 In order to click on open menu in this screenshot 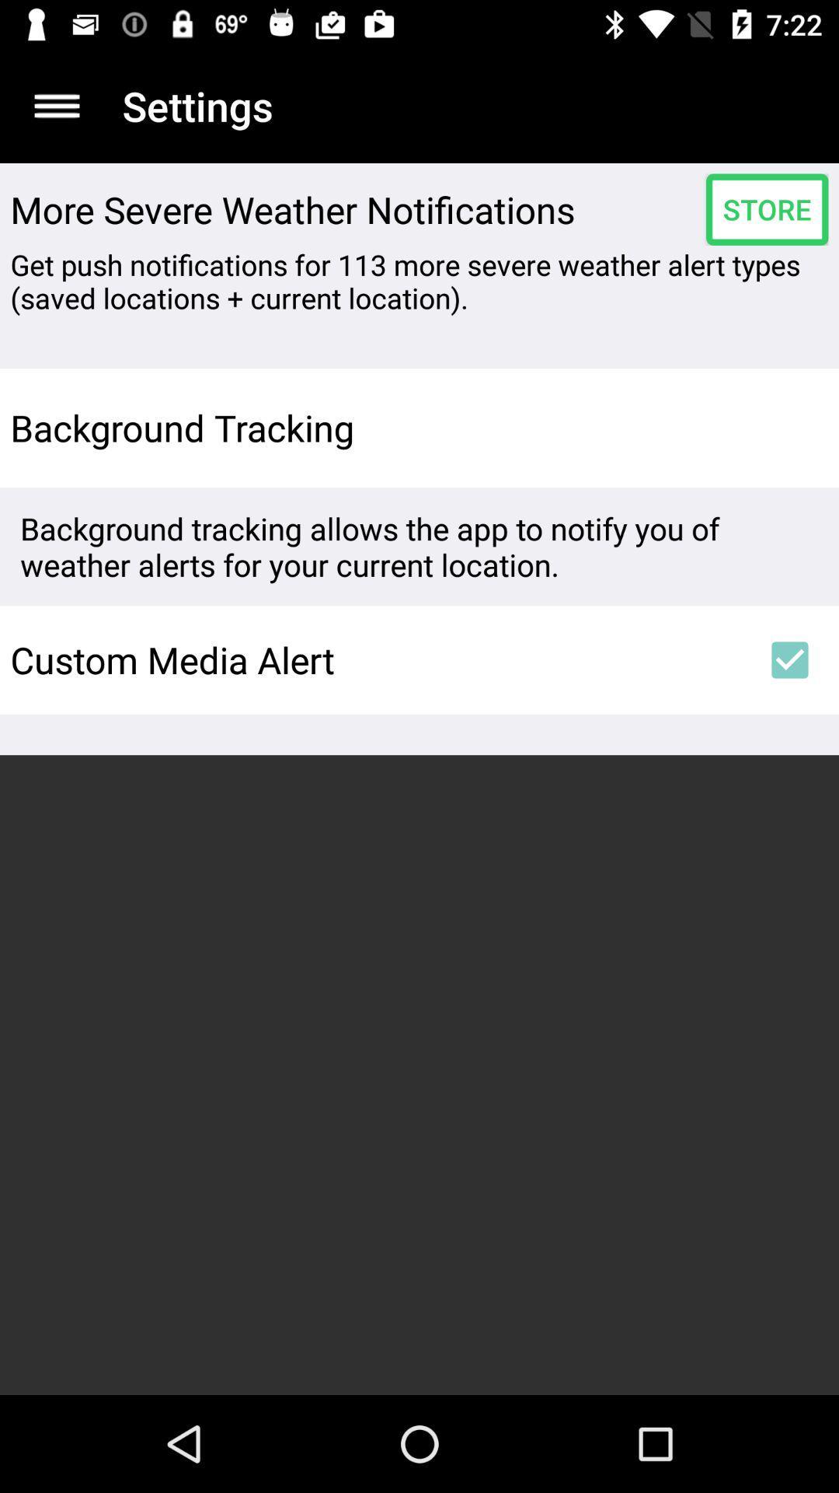, I will do `click(56, 105)`.